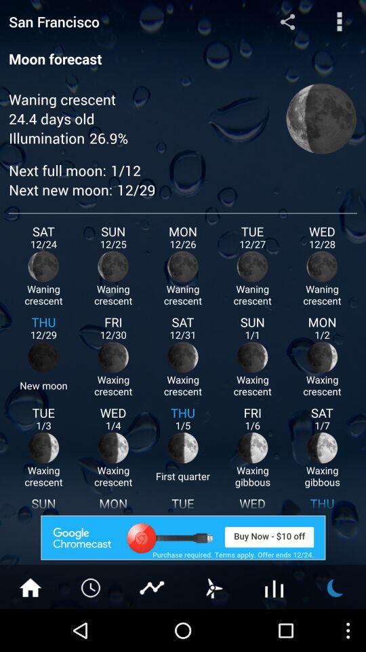 Image resolution: width=366 pixels, height=652 pixels. I want to click on history, so click(91, 586).